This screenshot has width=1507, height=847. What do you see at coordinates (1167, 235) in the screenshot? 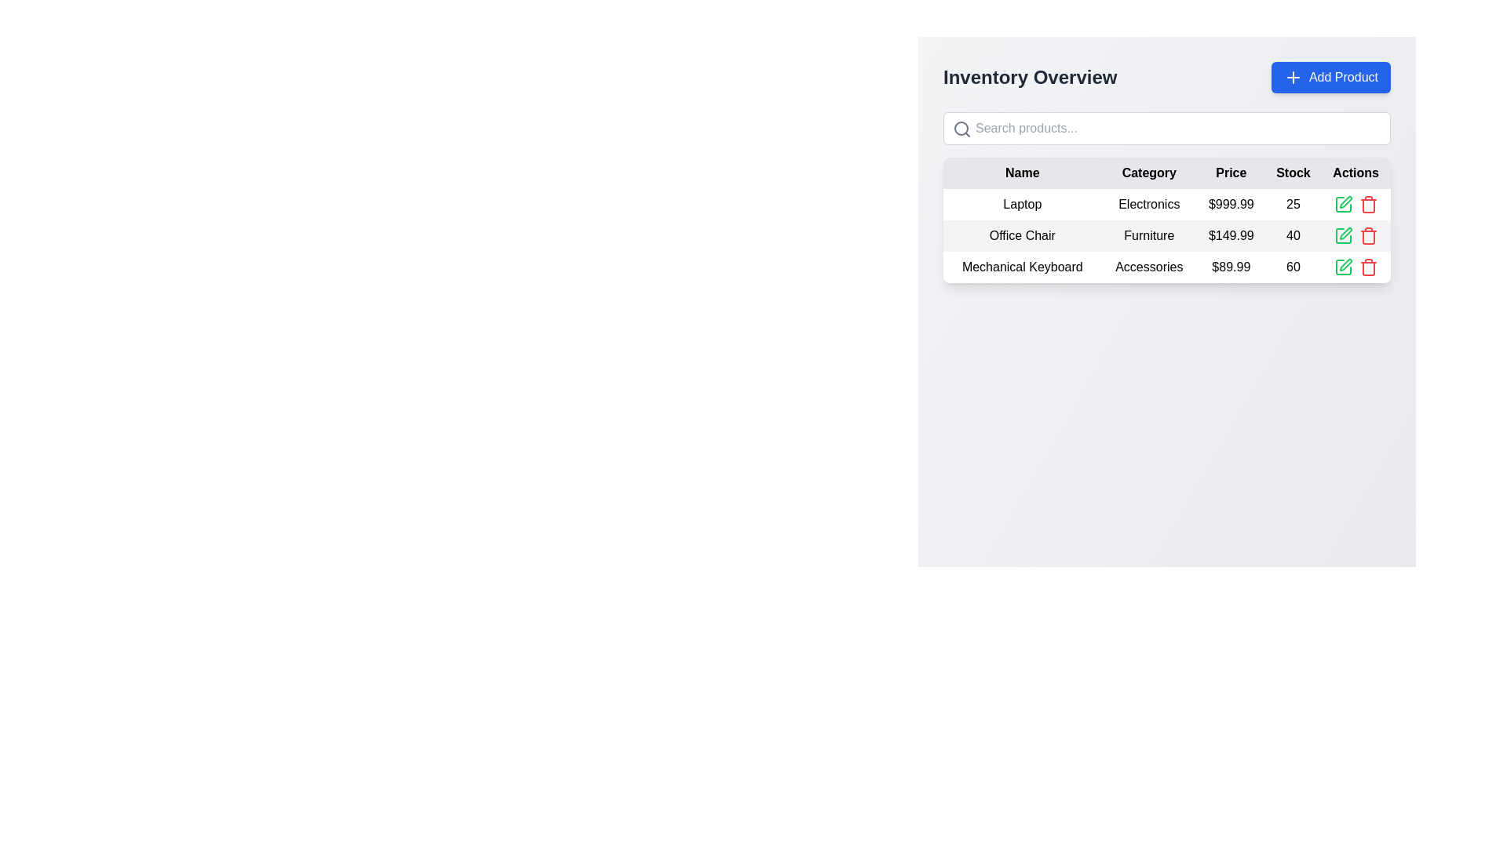
I see `the second row of the data table in the 'Inventory Overview' section` at bounding box center [1167, 235].